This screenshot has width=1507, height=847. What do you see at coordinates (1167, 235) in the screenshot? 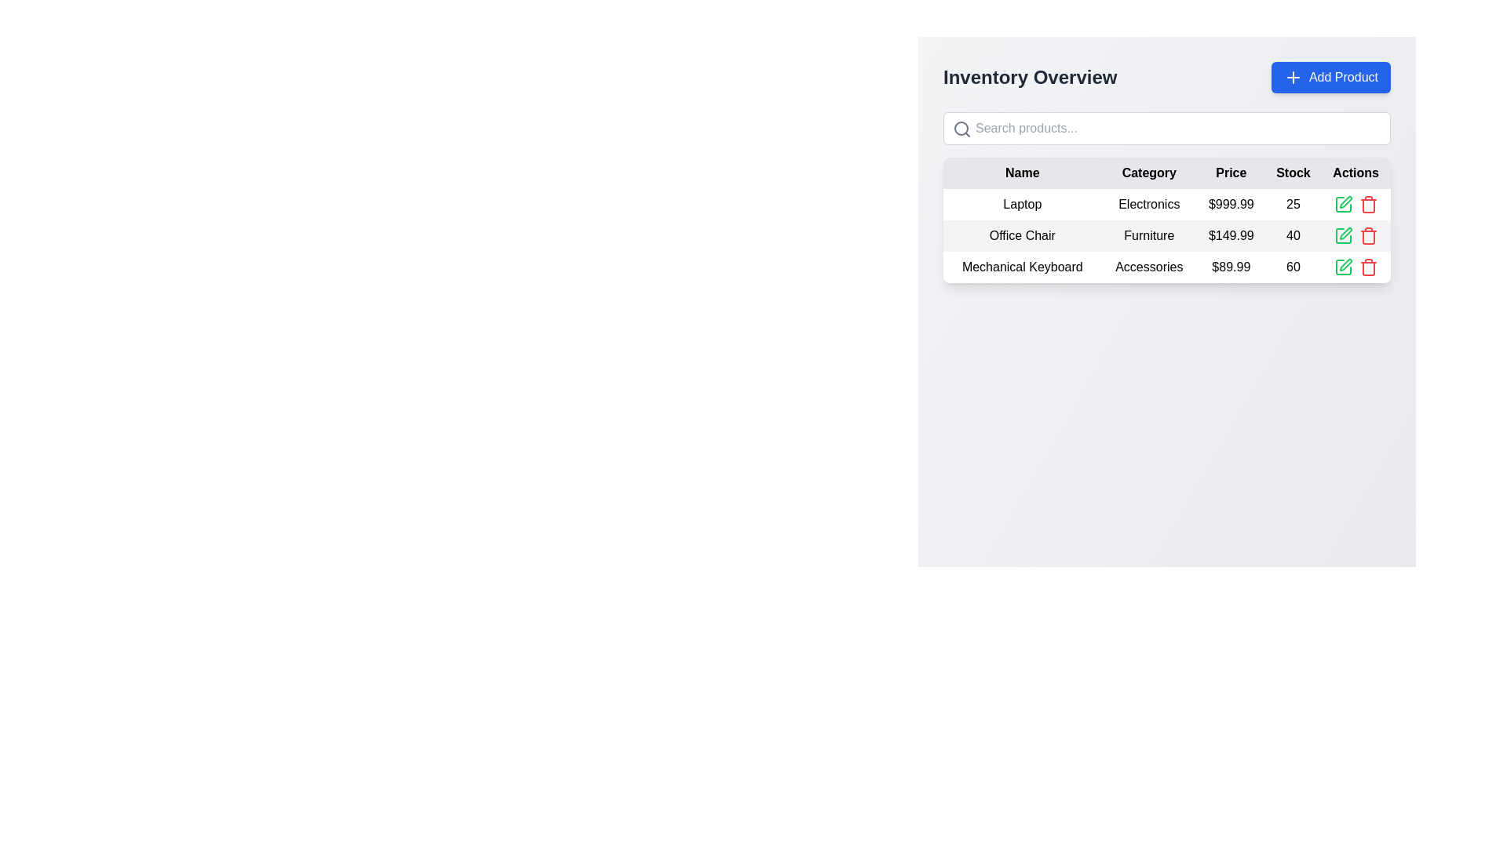
I see `the second row of the data table in the 'Inventory Overview' section` at bounding box center [1167, 235].